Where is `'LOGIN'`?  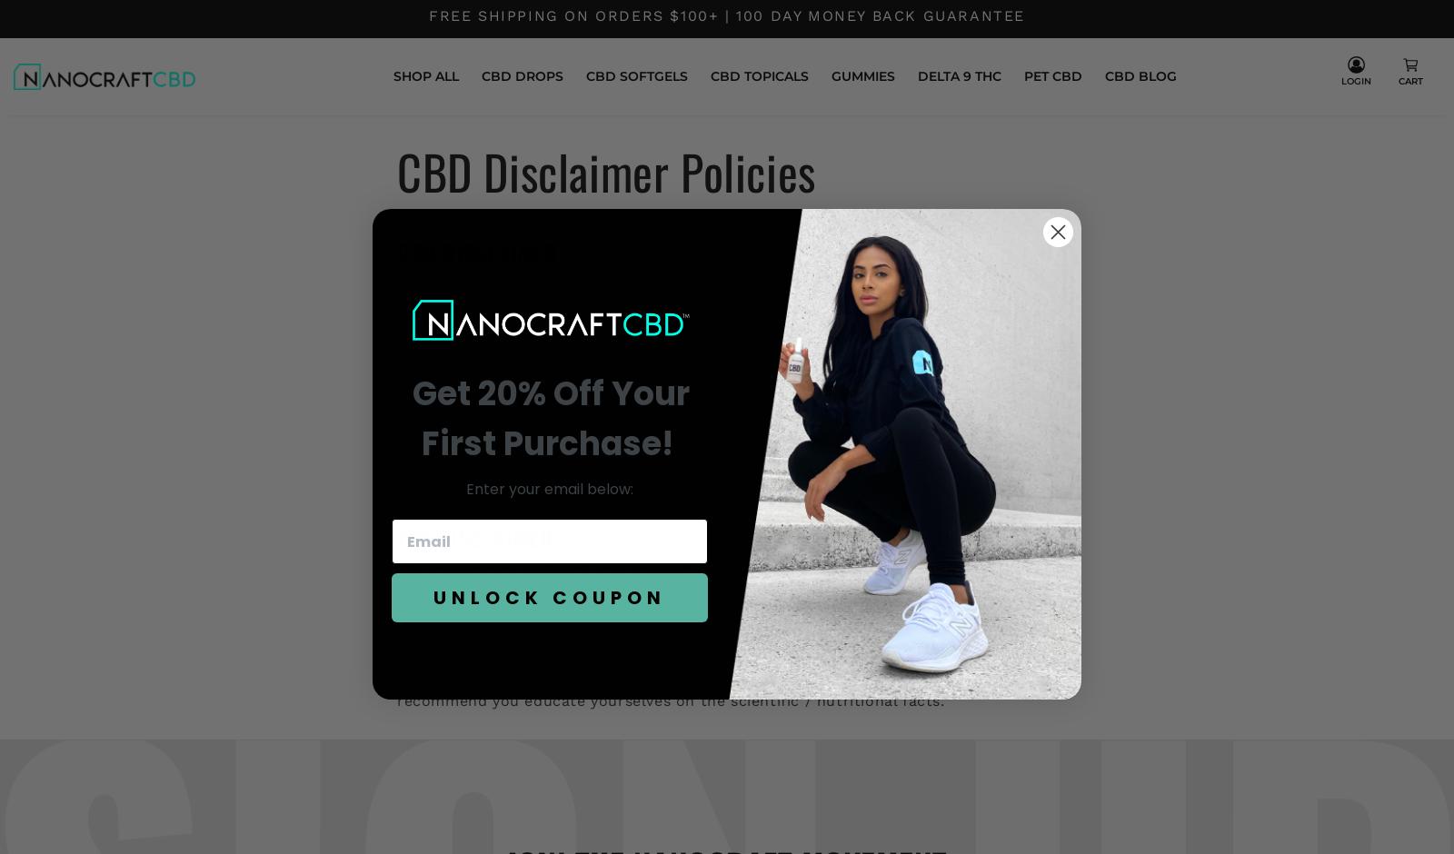 'LOGIN' is located at coordinates (1355, 81).